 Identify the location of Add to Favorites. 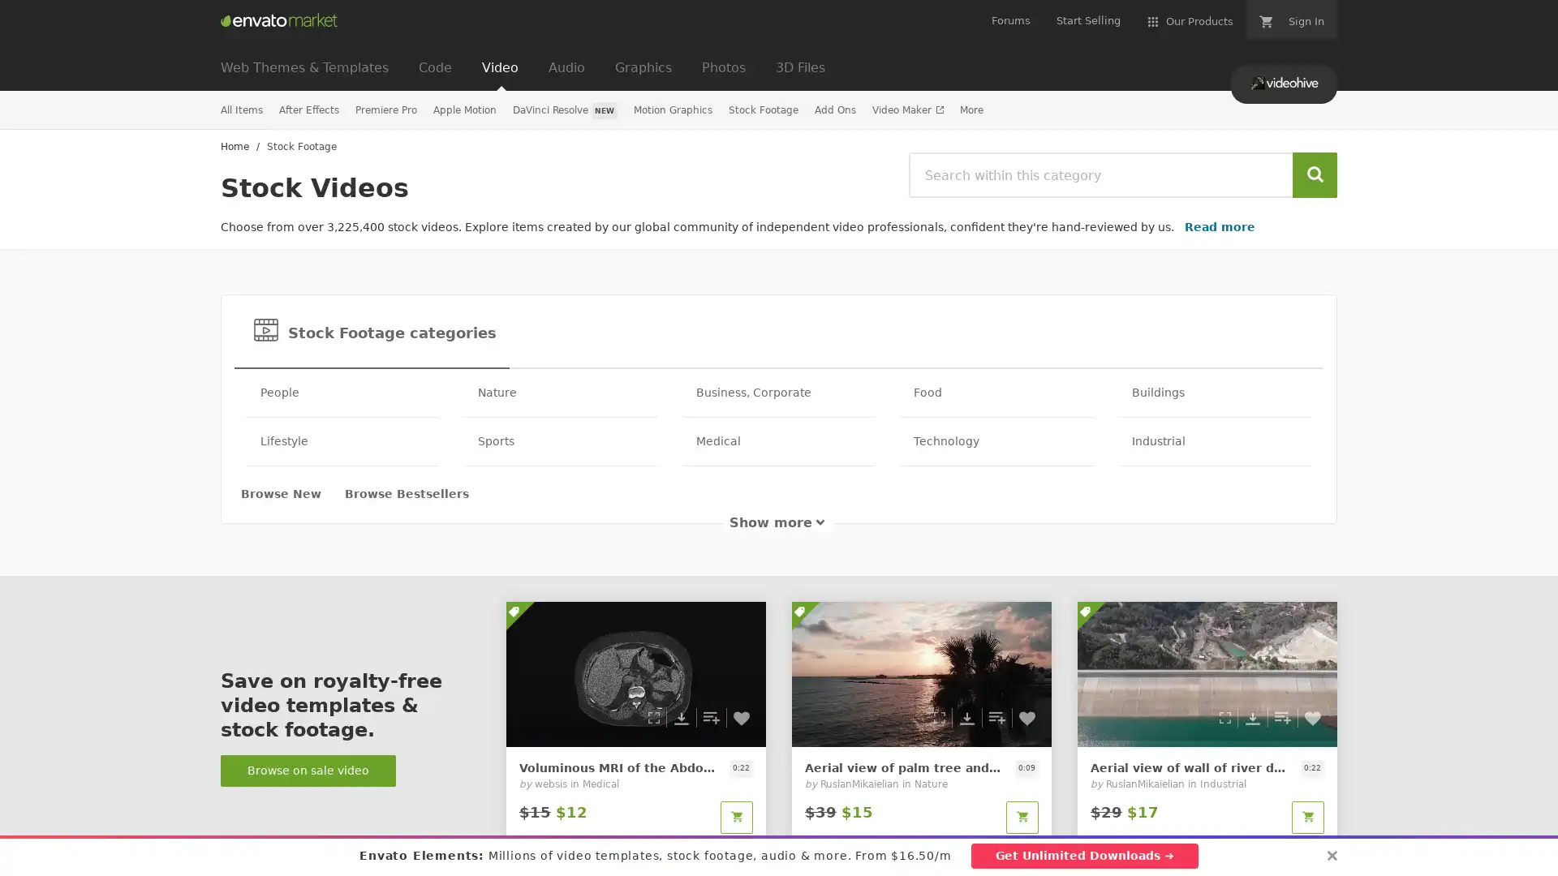
(1026, 716).